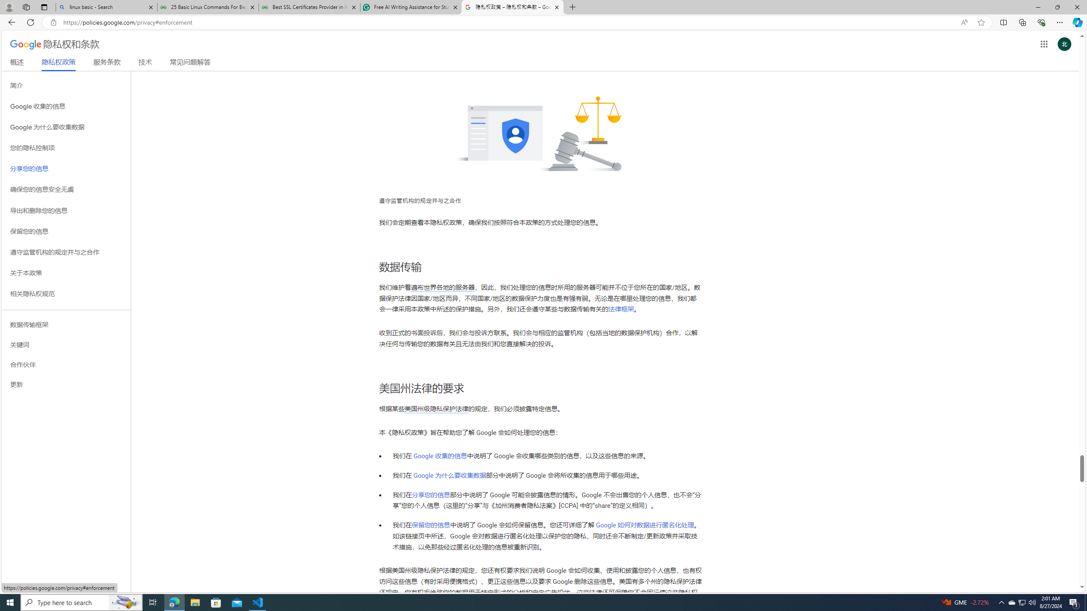  I want to click on 'Best SSL Certificates Provider in India - GeeksforGeeks', so click(310, 7).